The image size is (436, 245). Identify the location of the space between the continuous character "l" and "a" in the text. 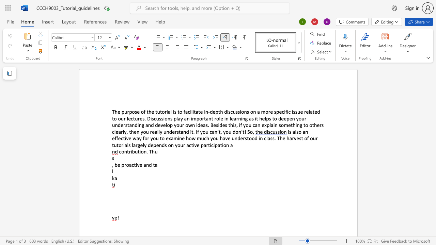
(133, 145).